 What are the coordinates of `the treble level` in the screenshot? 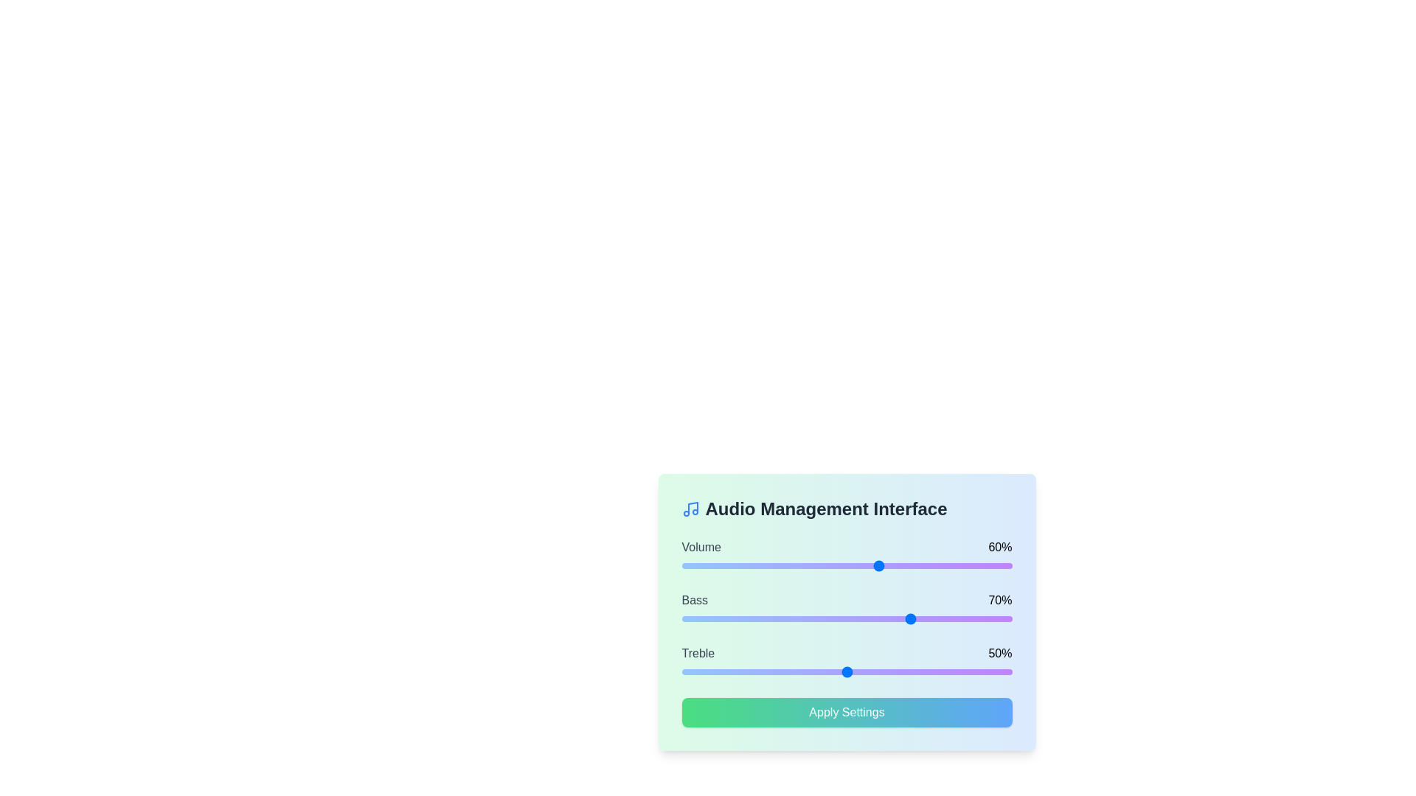 It's located at (867, 671).